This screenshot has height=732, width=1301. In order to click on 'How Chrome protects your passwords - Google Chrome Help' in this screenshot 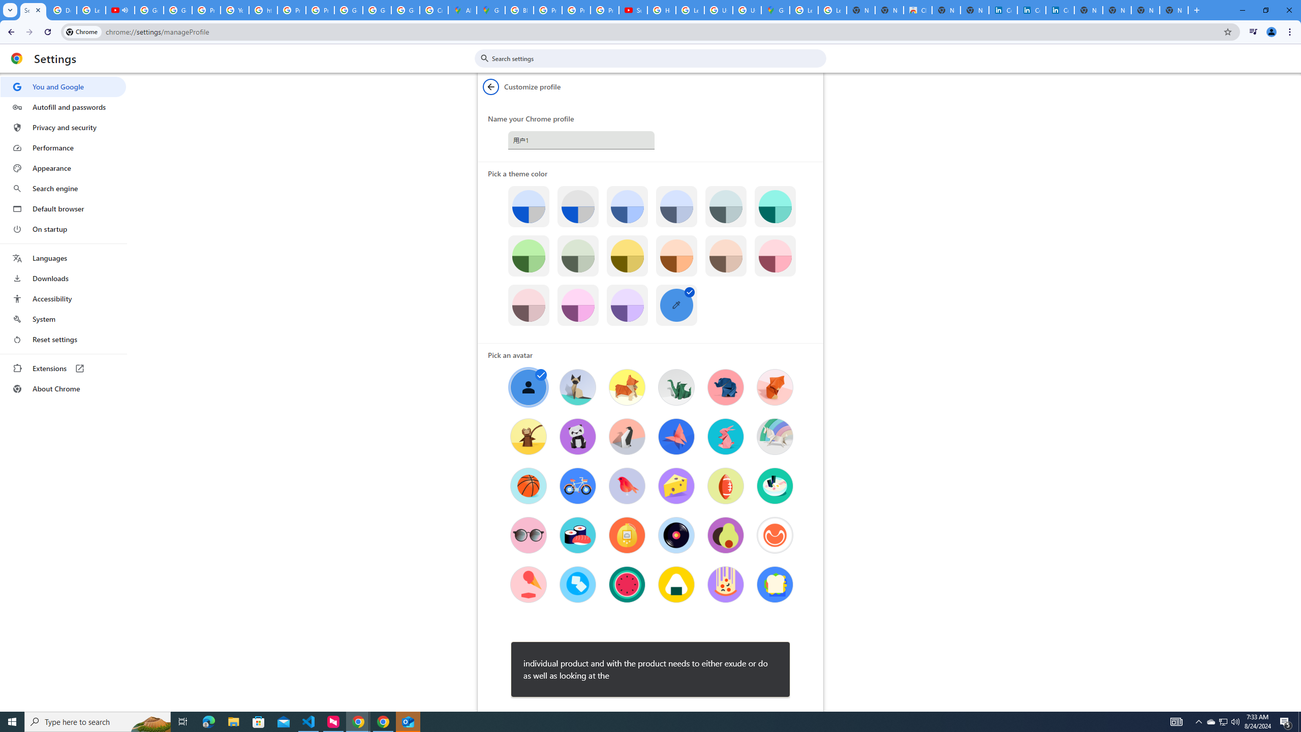, I will do `click(661, 10)`.